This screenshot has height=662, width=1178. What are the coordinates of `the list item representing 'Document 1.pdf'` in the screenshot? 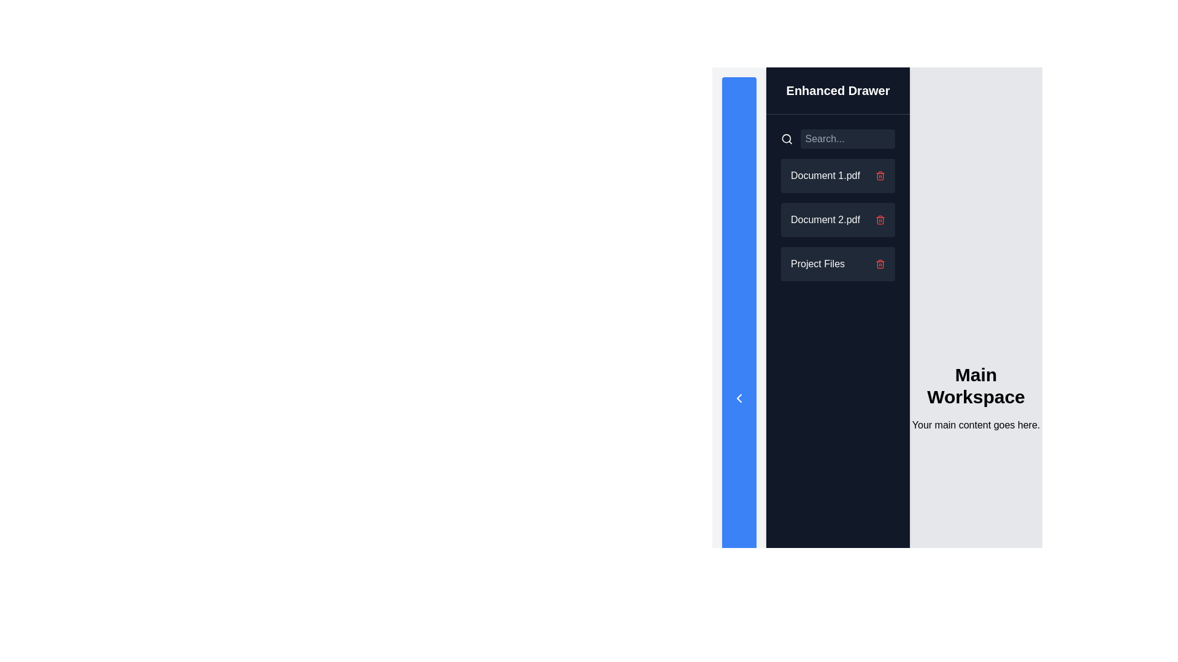 It's located at (837, 175).